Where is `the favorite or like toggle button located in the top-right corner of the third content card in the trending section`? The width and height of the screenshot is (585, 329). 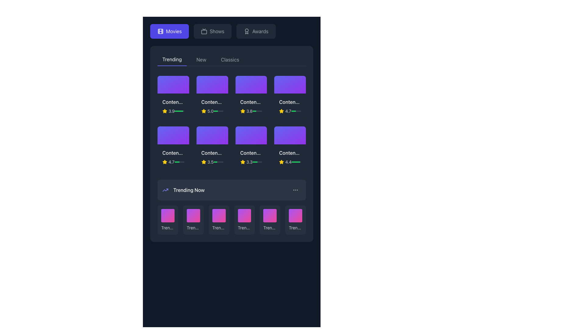 the favorite or like toggle button located in the top-right corner of the third content card in the trending section is located at coordinates (261, 82).